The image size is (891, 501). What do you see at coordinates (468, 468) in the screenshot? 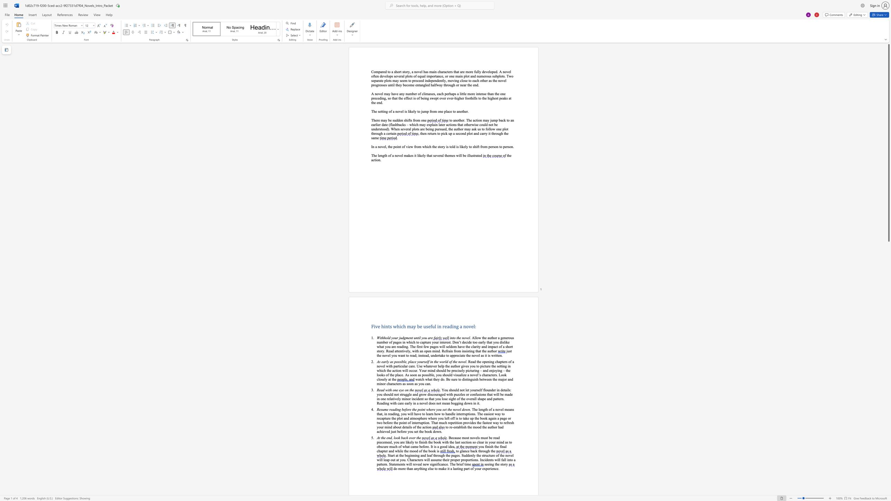
I see `the space between the continuous character "r" and "t" in the text` at bounding box center [468, 468].